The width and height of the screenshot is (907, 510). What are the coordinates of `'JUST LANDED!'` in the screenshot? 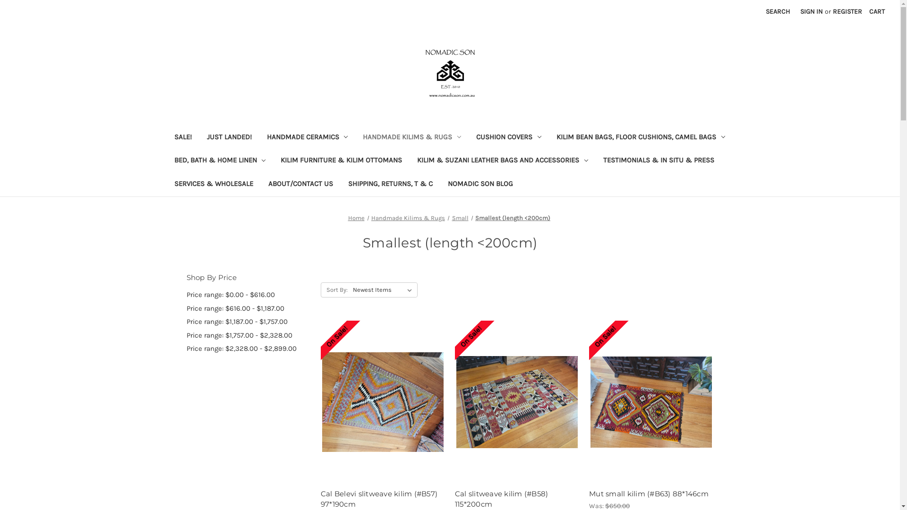 It's located at (229, 138).